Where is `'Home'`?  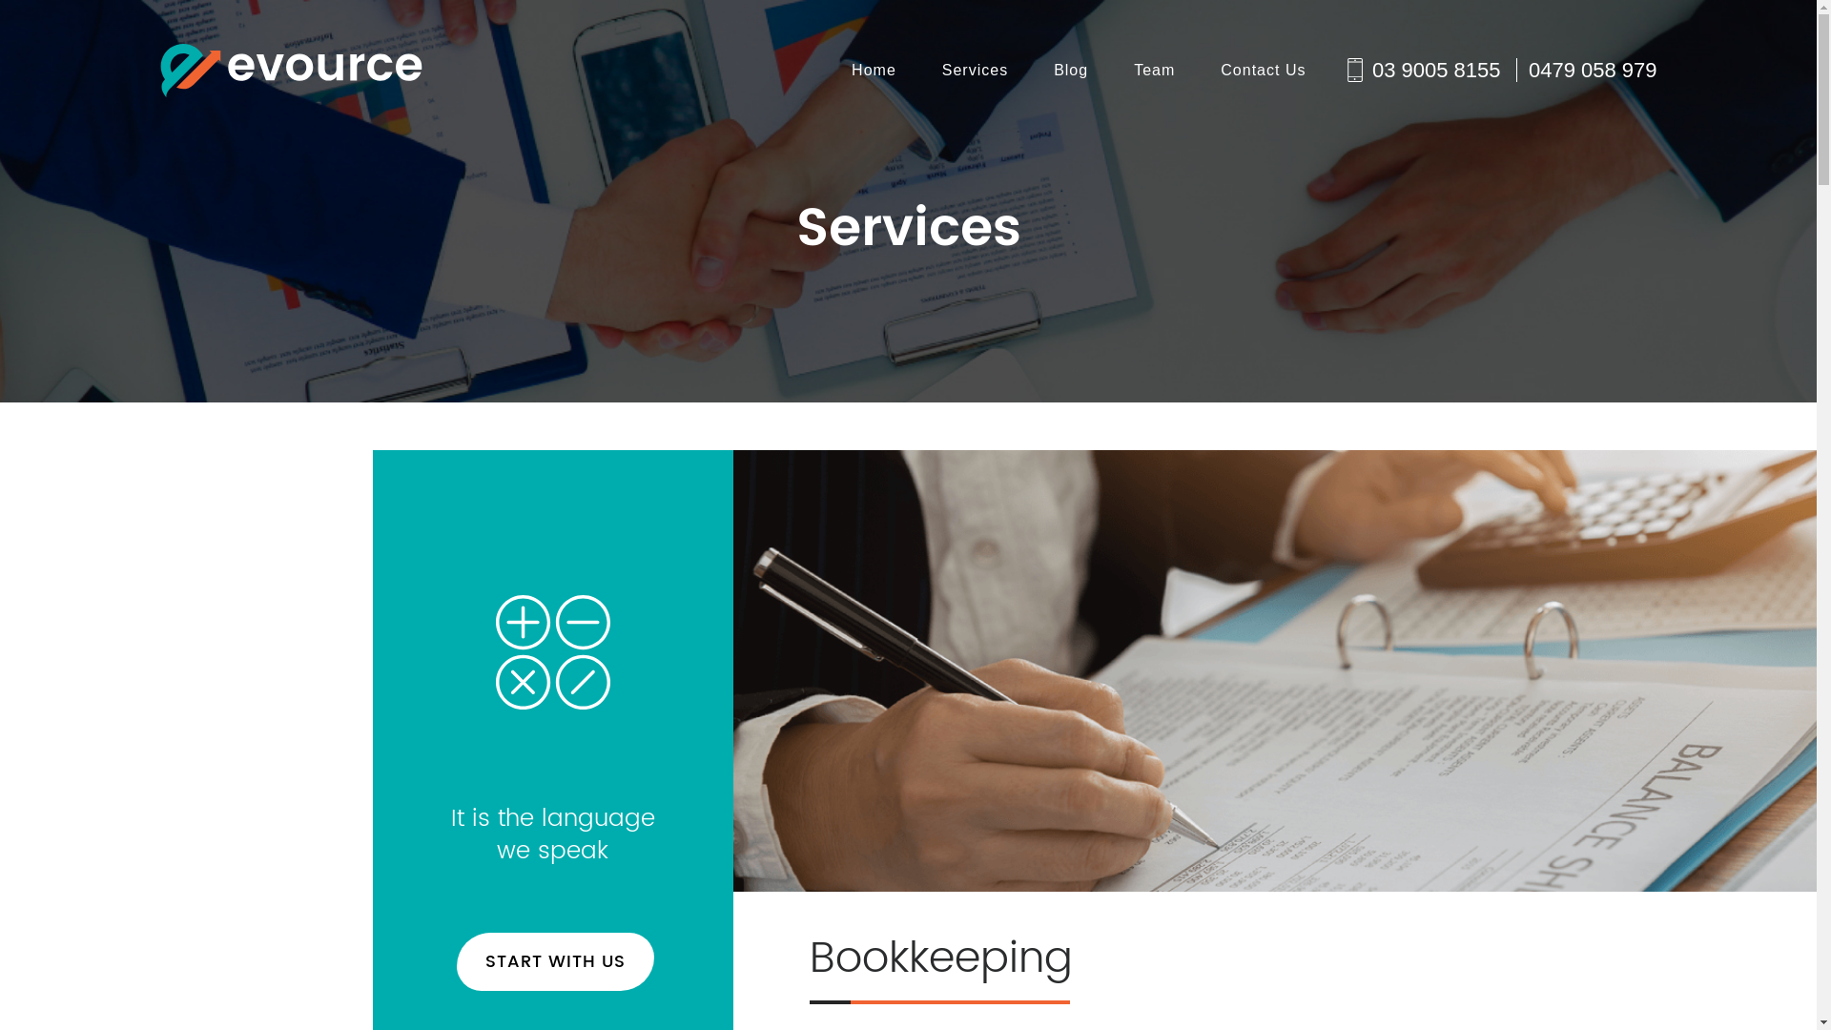 'Home' is located at coordinates (850, 69).